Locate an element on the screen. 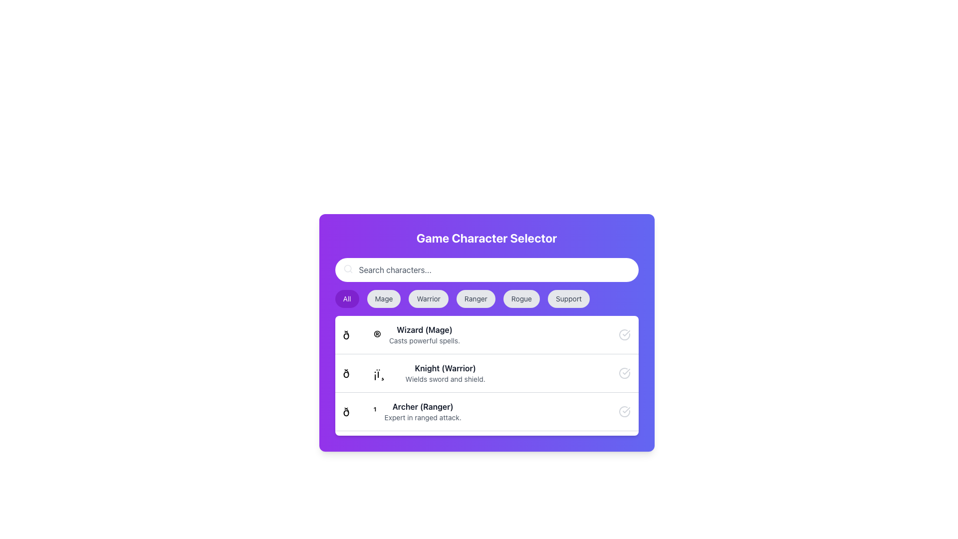 The image size is (958, 539). text label displaying 'Wizard (Mage)' and 'Casts powerful spells.' in the character selection interface, located at the center point coordinates is located at coordinates (424, 335).